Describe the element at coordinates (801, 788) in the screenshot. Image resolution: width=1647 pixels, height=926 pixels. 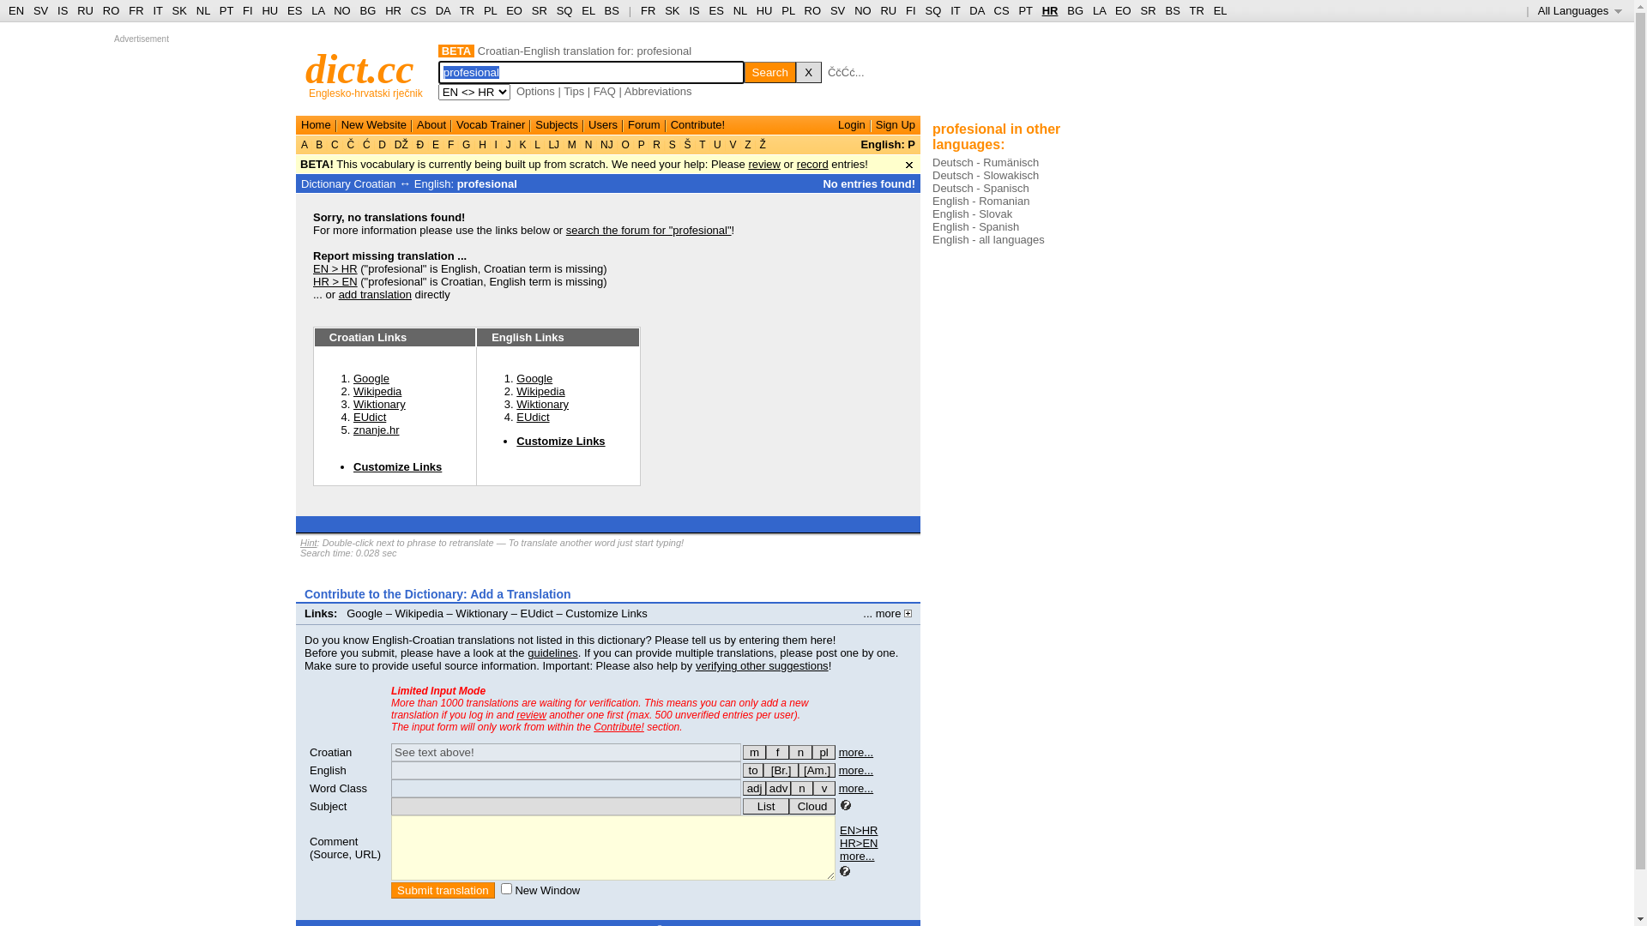
I see `'n'` at that location.